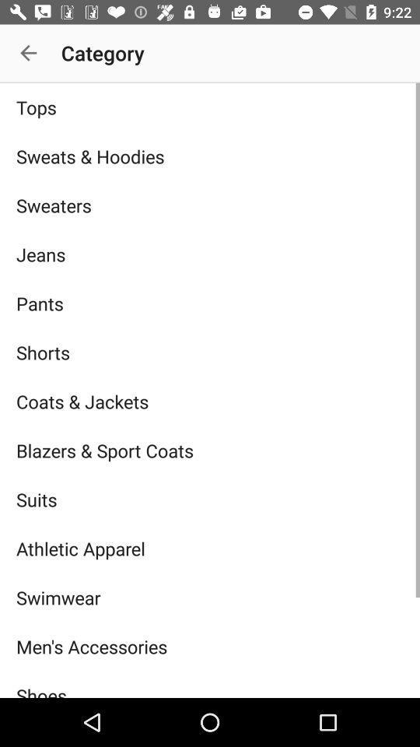 This screenshot has height=747, width=420. Describe the element at coordinates (28, 53) in the screenshot. I see `item above tops icon` at that location.